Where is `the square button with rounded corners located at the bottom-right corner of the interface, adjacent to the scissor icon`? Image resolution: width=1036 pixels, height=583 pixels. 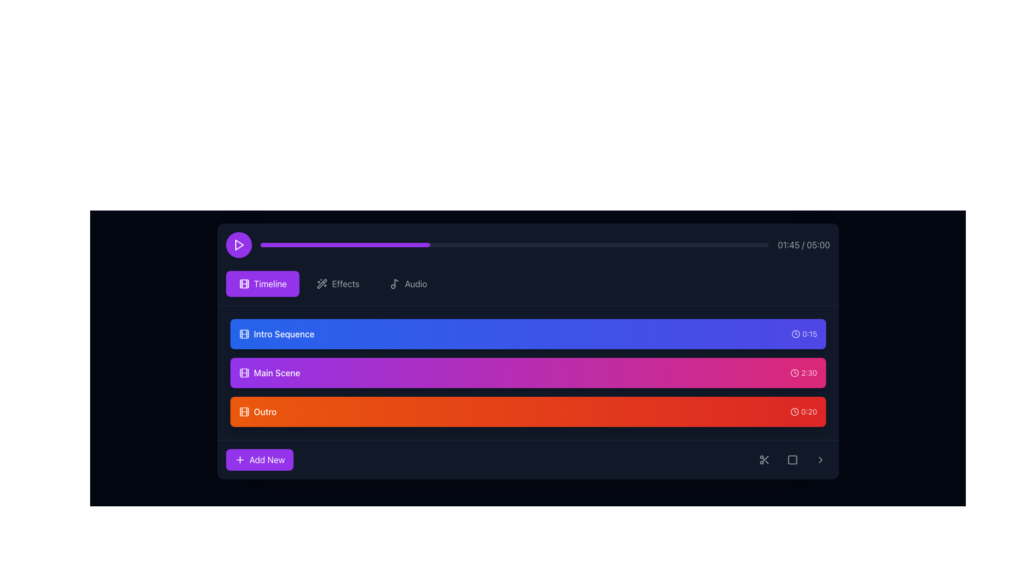
the square button with rounded corners located at the bottom-right corner of the interface, adjacent to the scissor icon is located at coordinates (792, 460).